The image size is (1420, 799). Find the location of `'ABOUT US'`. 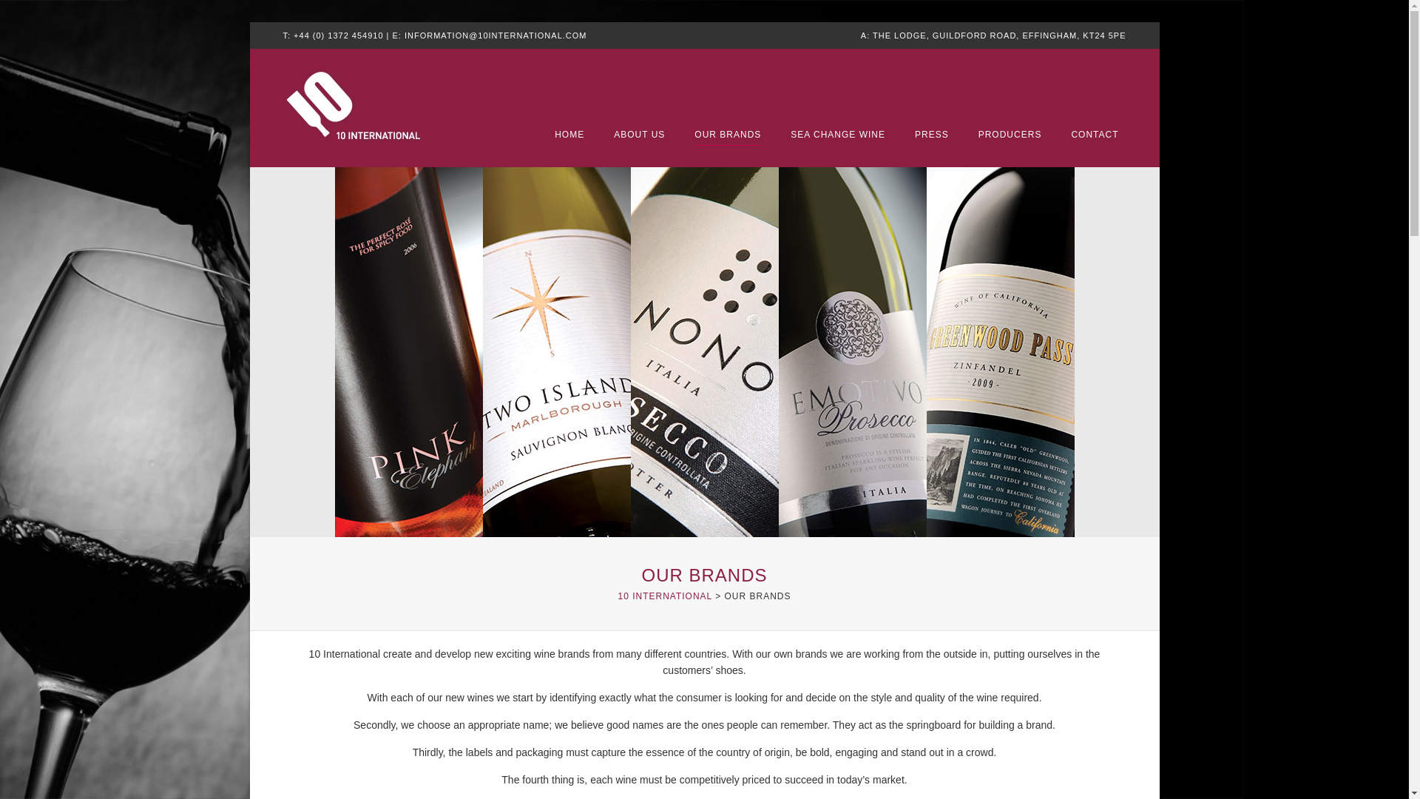

'ABOUT US' is located at coordinates (614, 135).